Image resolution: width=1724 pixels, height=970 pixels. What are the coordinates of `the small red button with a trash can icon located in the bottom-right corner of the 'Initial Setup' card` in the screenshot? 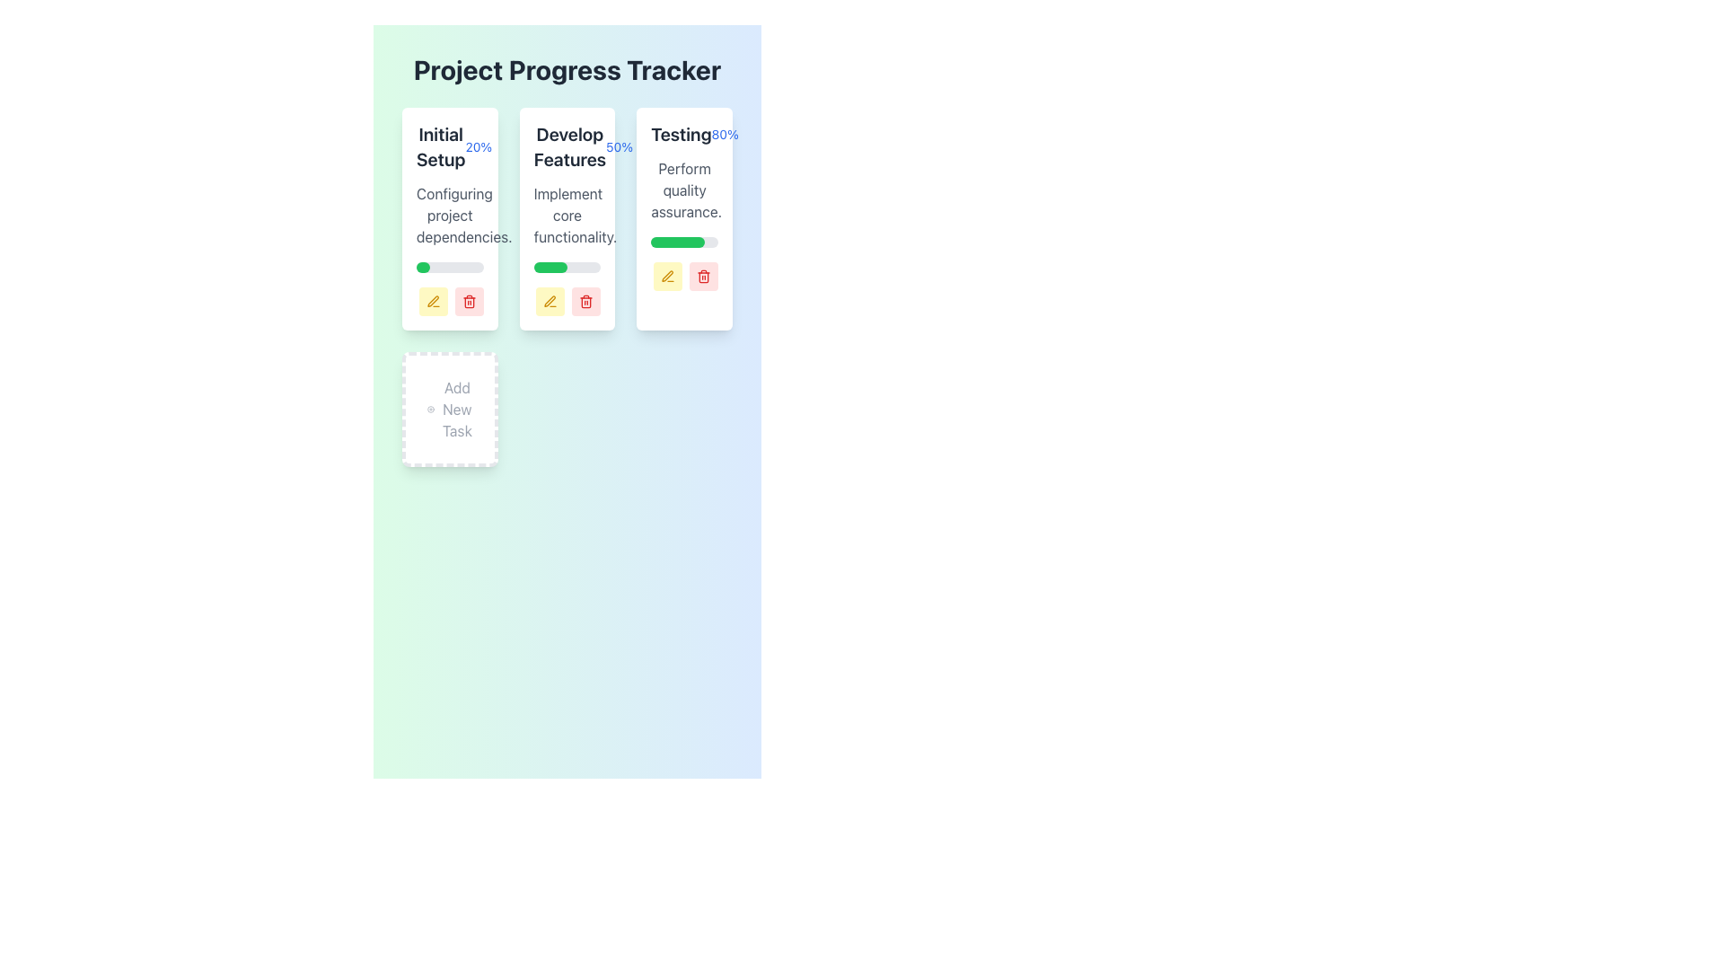 It's located at (469, 300).